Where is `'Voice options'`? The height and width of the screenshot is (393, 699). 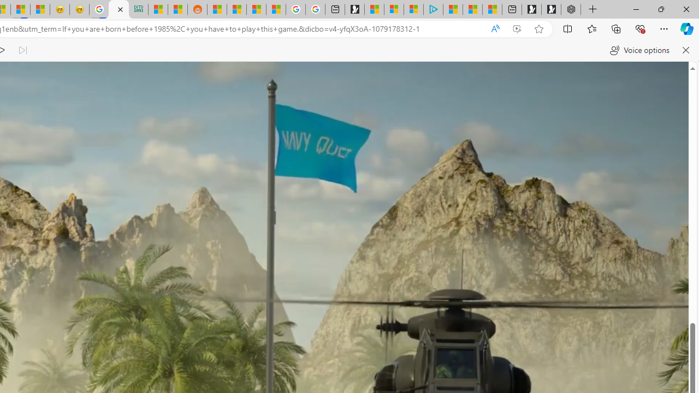 'Voice options' is located at coordinates (639, 50).